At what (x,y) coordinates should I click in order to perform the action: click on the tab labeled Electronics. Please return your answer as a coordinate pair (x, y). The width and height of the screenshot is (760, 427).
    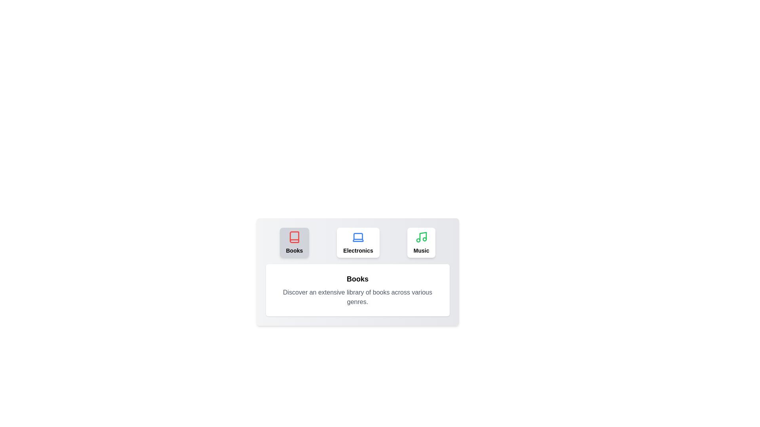
    Looking at the image, I should click on (358, 242).